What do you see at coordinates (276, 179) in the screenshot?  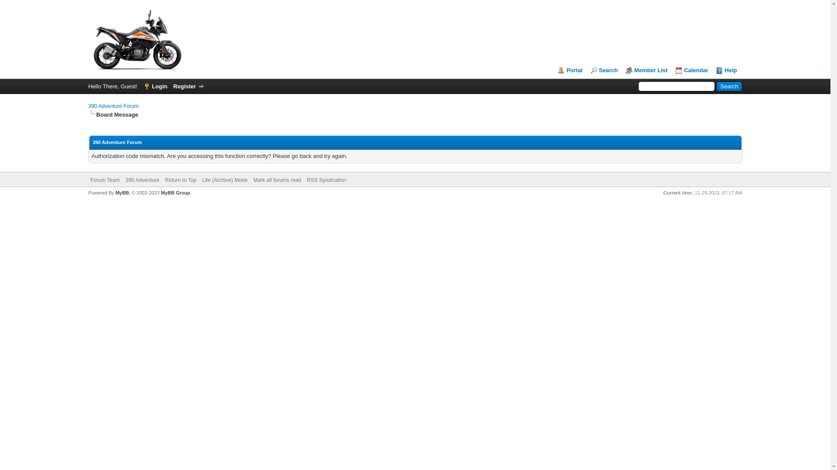 I see `'Mark all forums read'` at bounding box center [276, 179].